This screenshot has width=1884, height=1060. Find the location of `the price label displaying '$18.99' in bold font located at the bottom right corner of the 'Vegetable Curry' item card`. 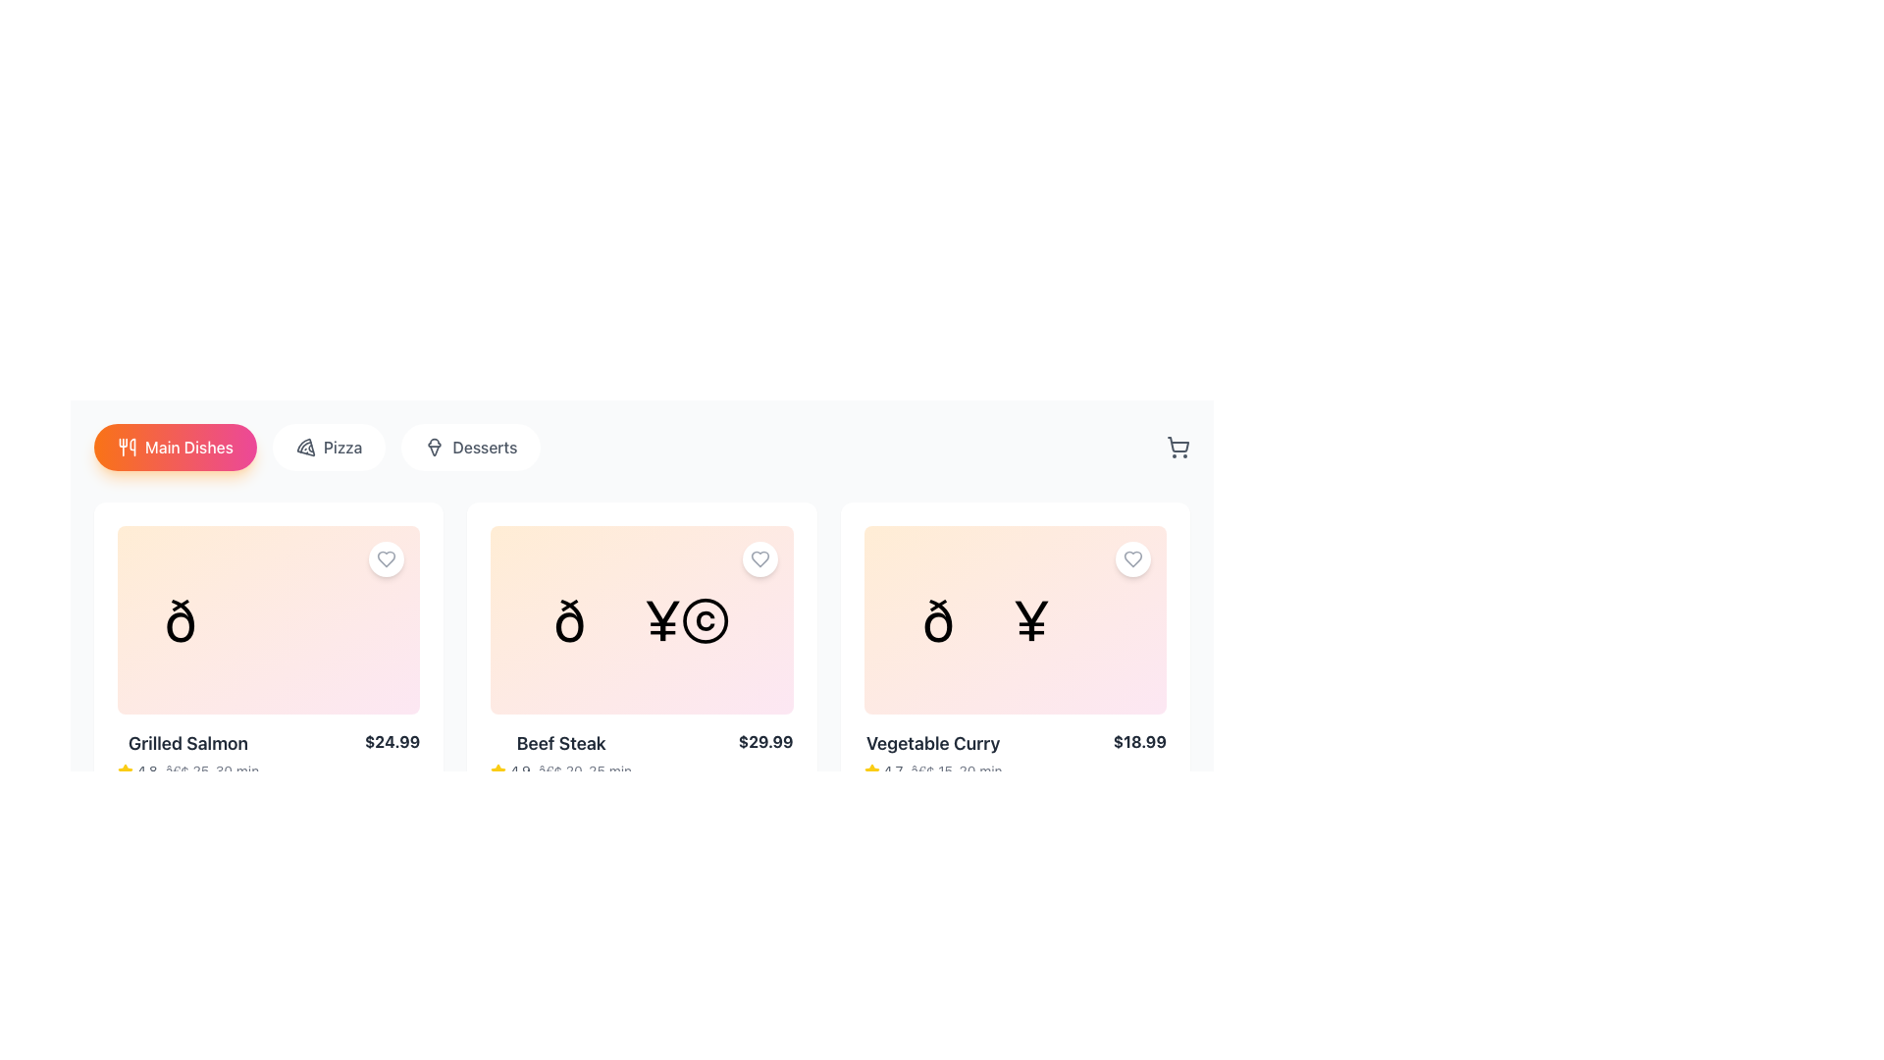

the price label displaying '$18.99' in bold font located at the bottom right corner of the 'Vegetable Curry' item card is located at coordinates (1139, 742).